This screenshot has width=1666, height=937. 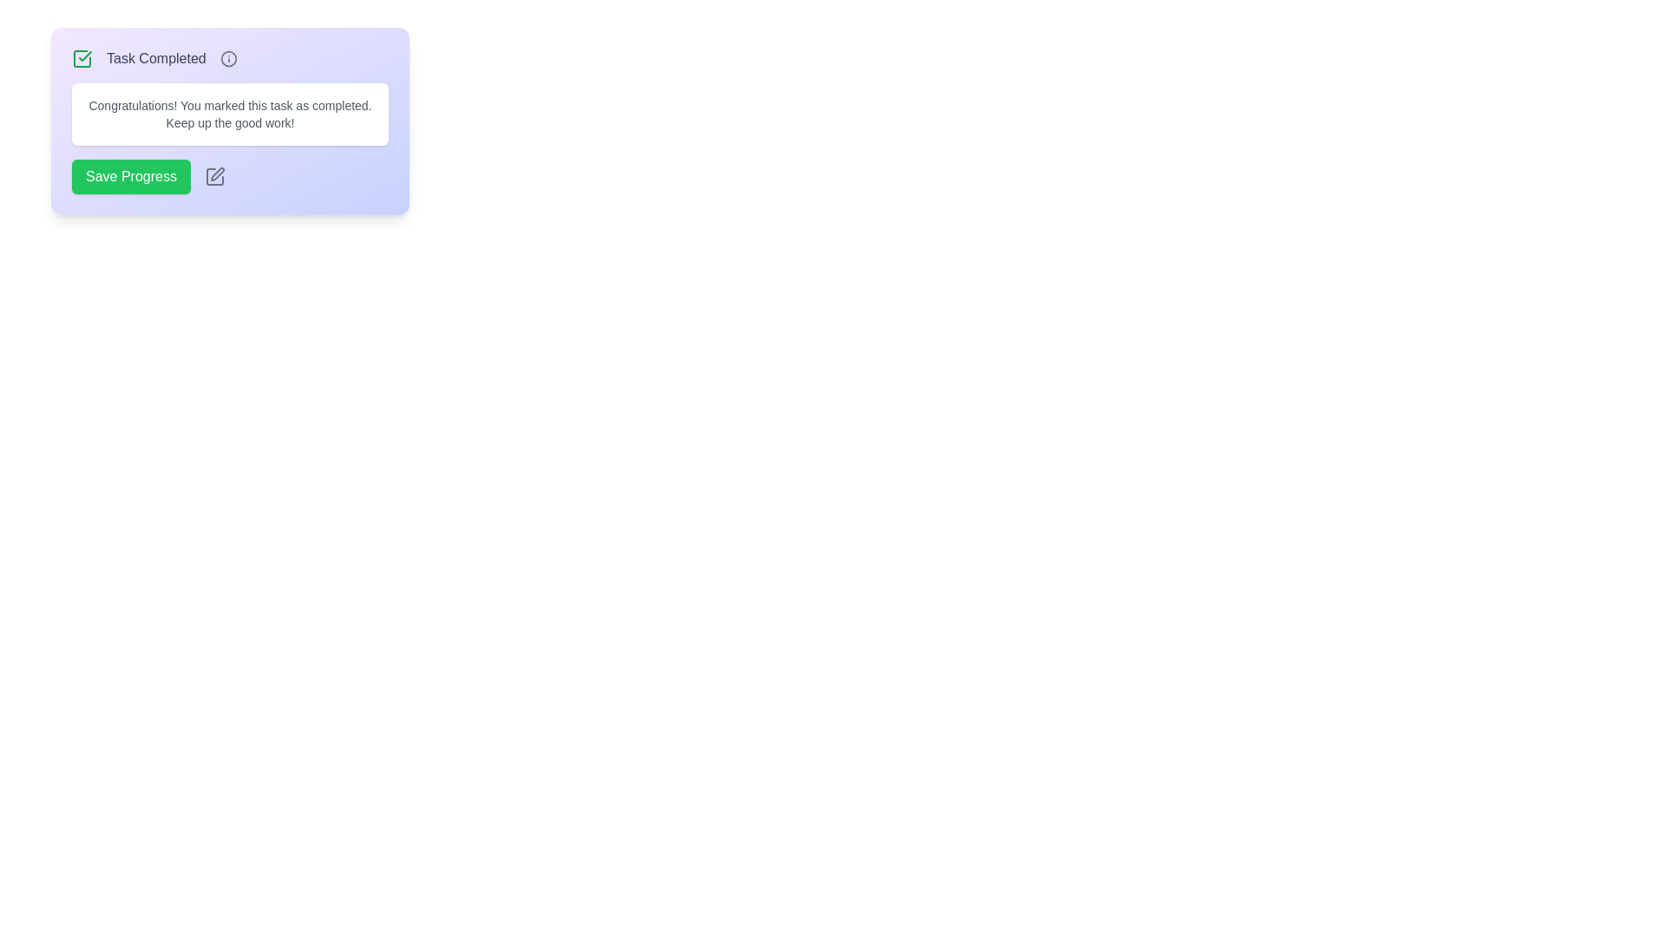 I want to click on the checkmark segment of the SVG icon located in the top-left section of the notification-style UI component, so click(x=84, y=56).